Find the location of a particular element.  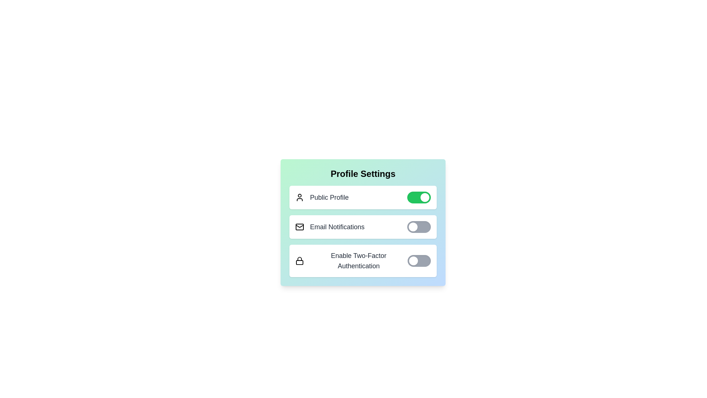

the icon next to Enable Two-Factor Authentication to inspect it visually is located at coordinates (299, 261).